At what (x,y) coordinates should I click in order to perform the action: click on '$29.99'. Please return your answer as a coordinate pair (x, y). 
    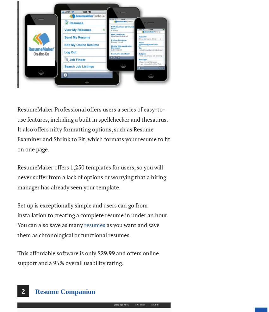
    Looking at the image, I should click on (97, 253).